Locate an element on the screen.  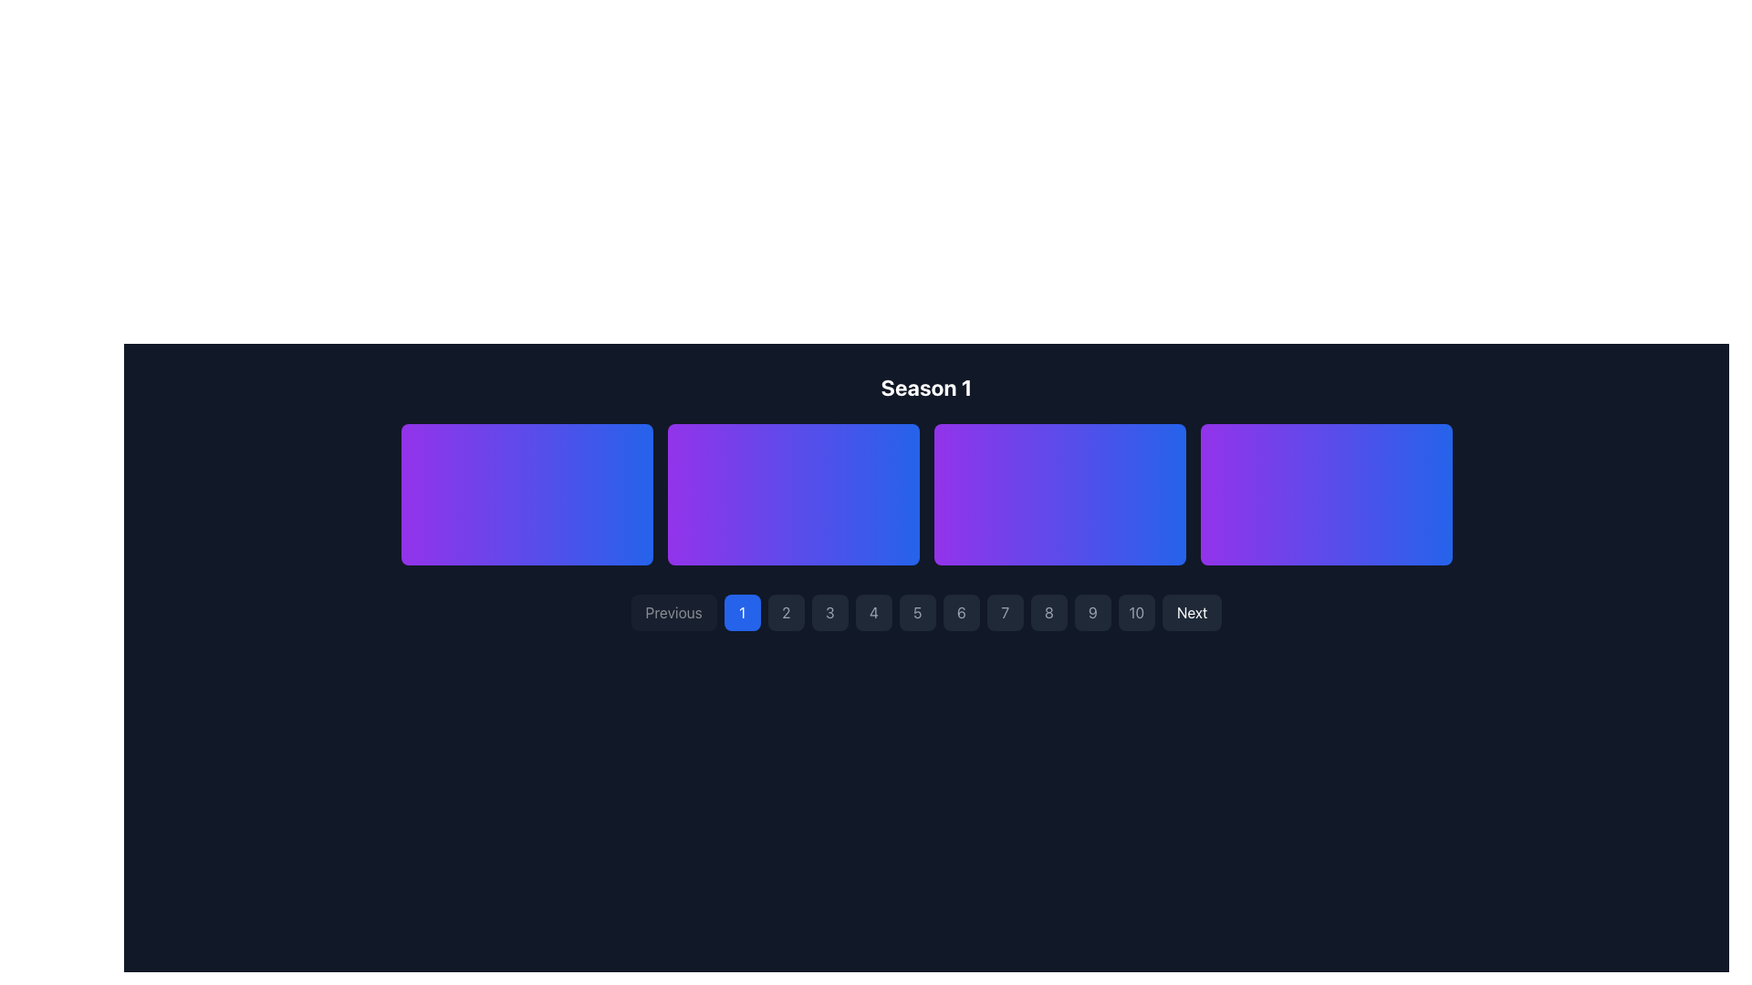
the small square button labeled '4' with a dark gray background is located at coordinates (872, 613).